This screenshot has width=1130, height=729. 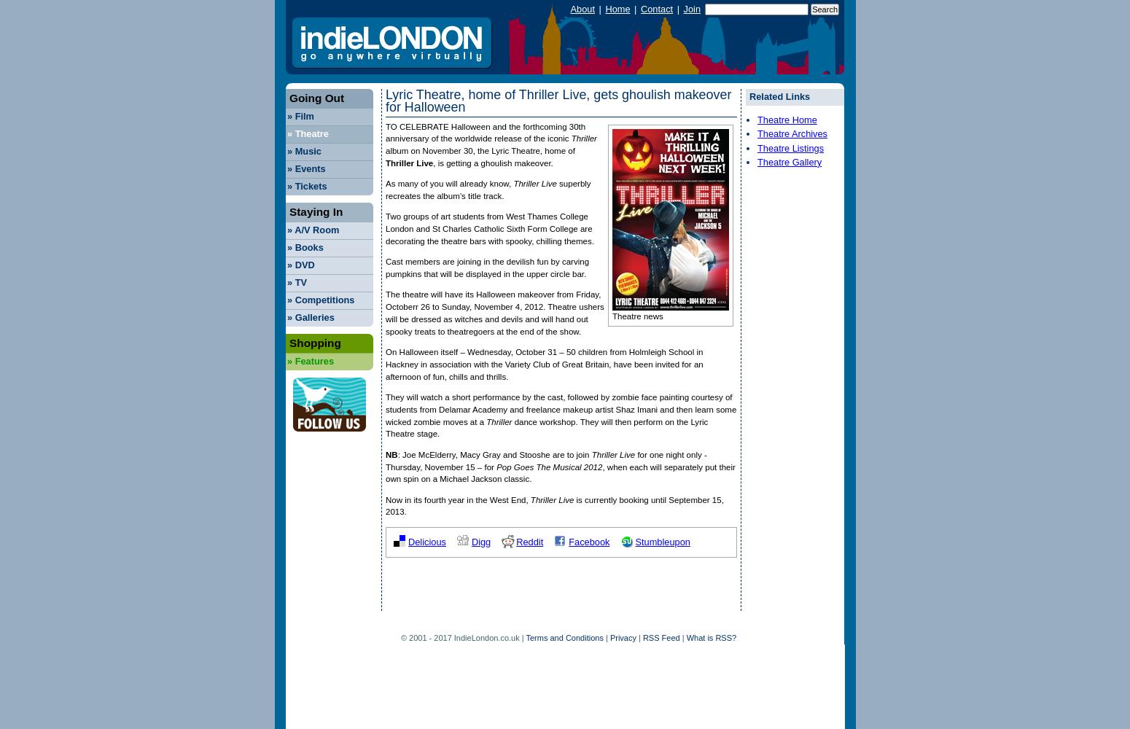 What do you see at coordinates (409, 162) in the screenshot?
I see `'Thriller Live'` at bounding box center [409, 162].